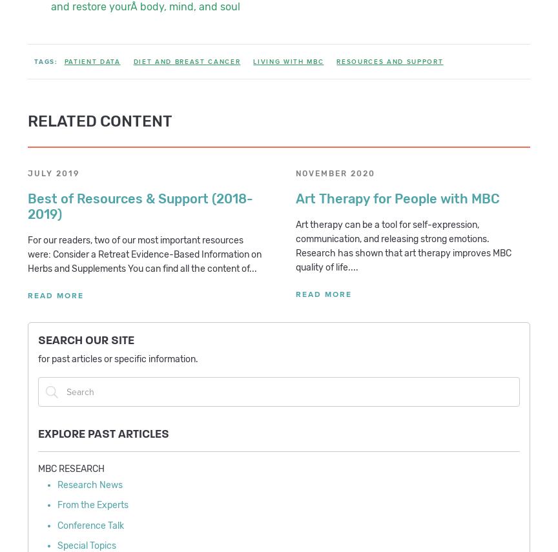 The height and width of the screenshot is (552, 558). What do you see at coordinates (335, 173) in the screenshot?
I see `'November 2020'` at bounding box center [335, 173].